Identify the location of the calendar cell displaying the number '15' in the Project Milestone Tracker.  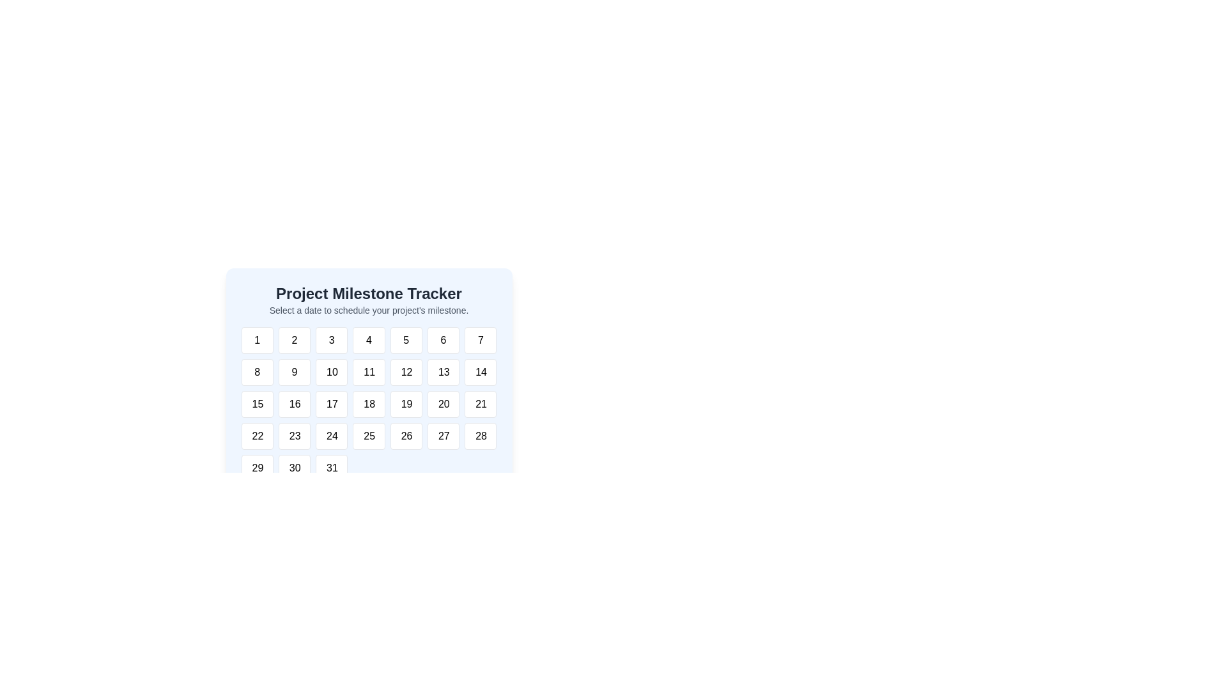
(256, 404).